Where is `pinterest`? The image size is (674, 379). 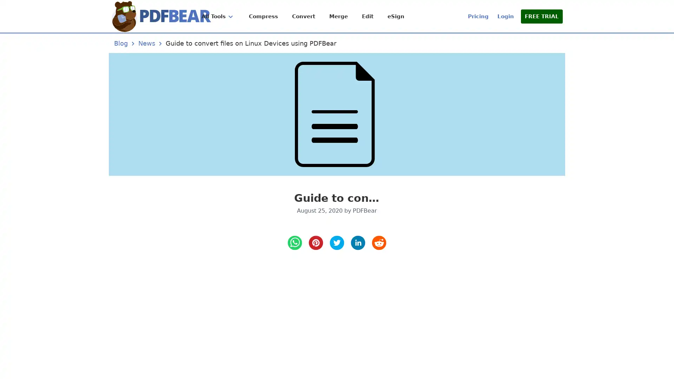 pinterest is located at coordinates (316, 242).